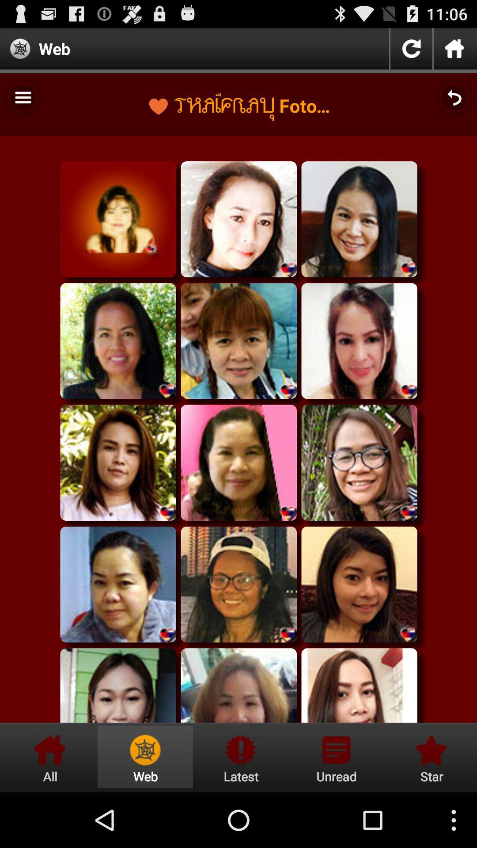  What do you see at coordinates (241, 757) in the screenshot?
I see `explore latest profiles` at bounding box center [241, 757].